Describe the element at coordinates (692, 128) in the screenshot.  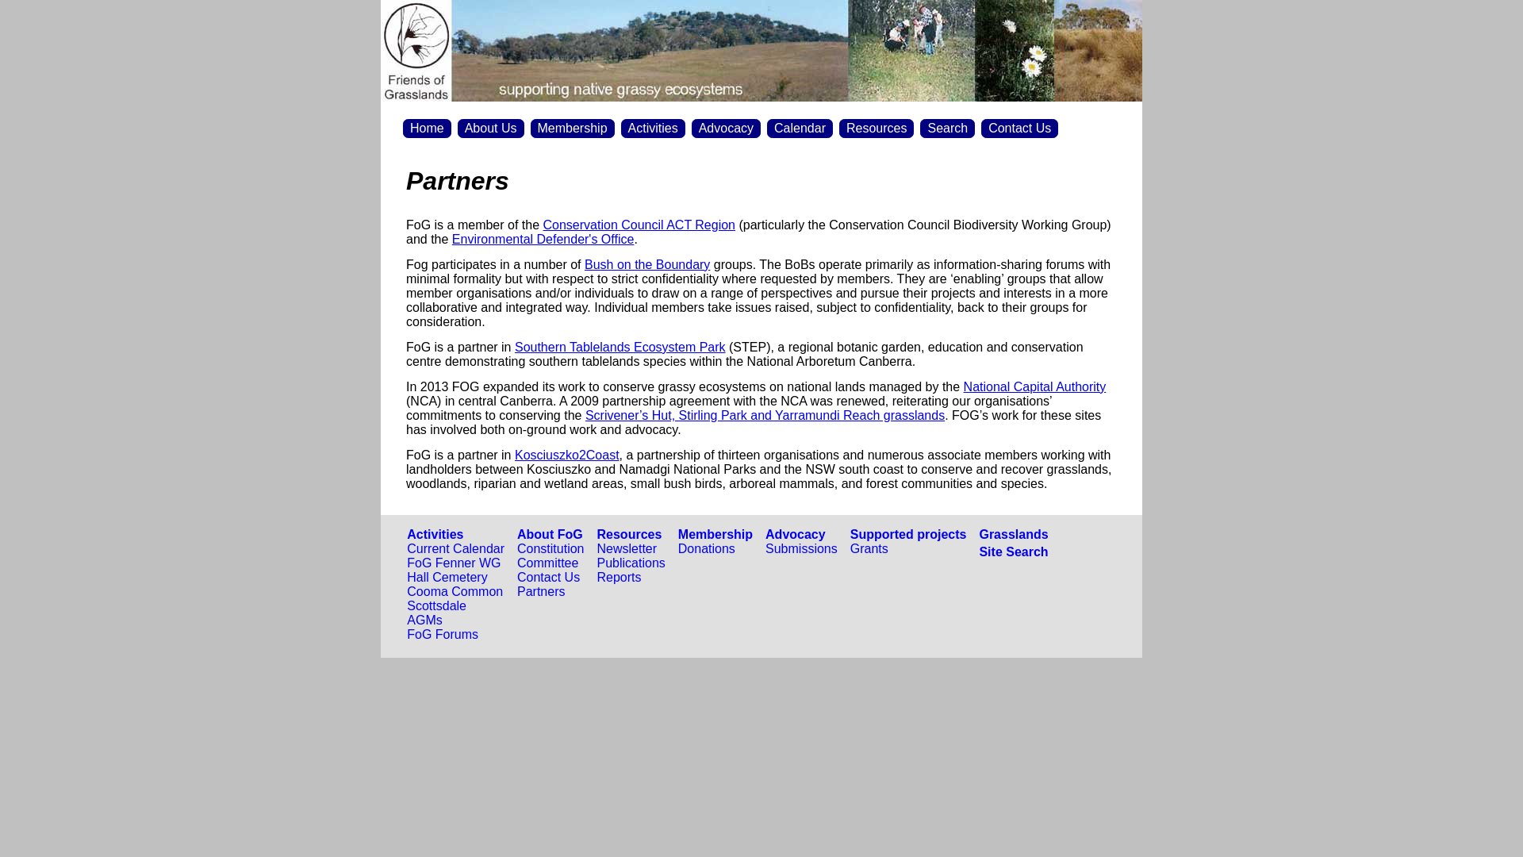
I see `'Advocacy'` at that location.